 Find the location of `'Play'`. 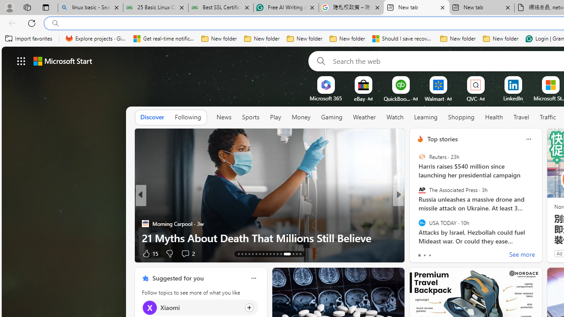

'Play' is located at coordinates (275, 117).